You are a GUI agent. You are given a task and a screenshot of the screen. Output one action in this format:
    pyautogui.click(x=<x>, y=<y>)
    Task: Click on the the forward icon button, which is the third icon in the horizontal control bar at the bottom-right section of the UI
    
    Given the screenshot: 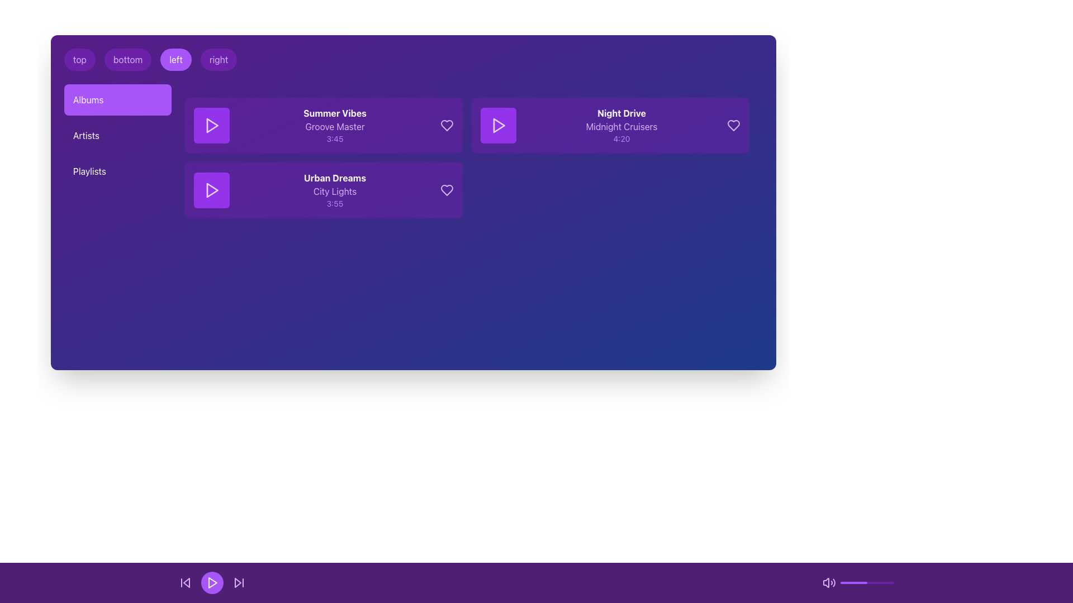 What is the action you would take?
    pyautogui.click(x=238, y=582)
    